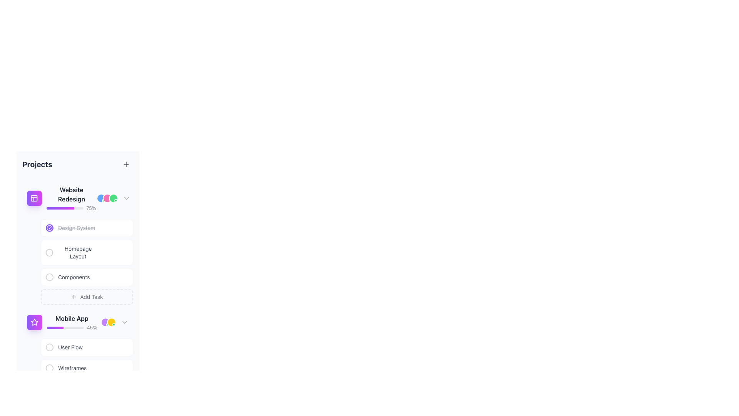 This screenshot has height=416, width=739. I want to click on the 'Mobile App' card element in the Projects section of the sidebar to activate hover effects, so click(77, 322).